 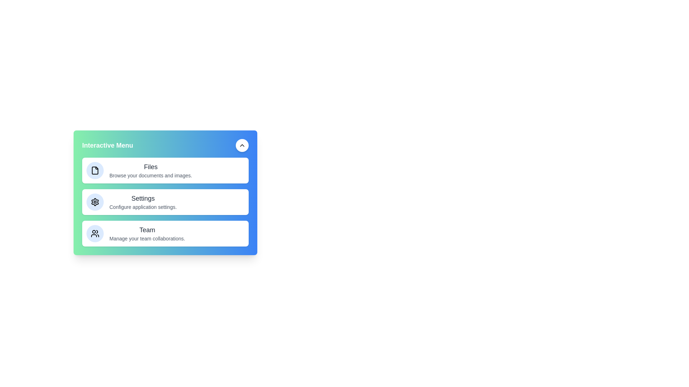 What do you see at coordinates (165, 202) in the screenshot?
I see `the 'Settings' option in the menu` at bounding box center [165, 202].